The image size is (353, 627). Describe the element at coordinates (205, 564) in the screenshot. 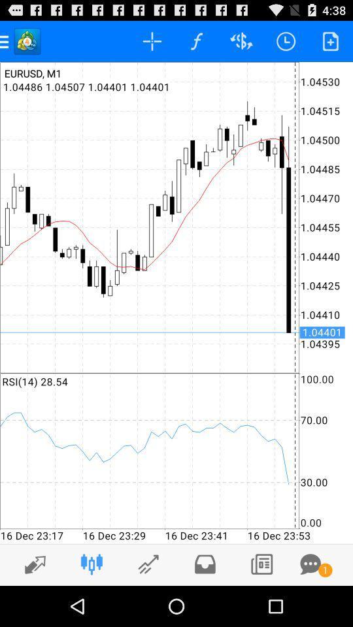

I see `check inbox` at that location.